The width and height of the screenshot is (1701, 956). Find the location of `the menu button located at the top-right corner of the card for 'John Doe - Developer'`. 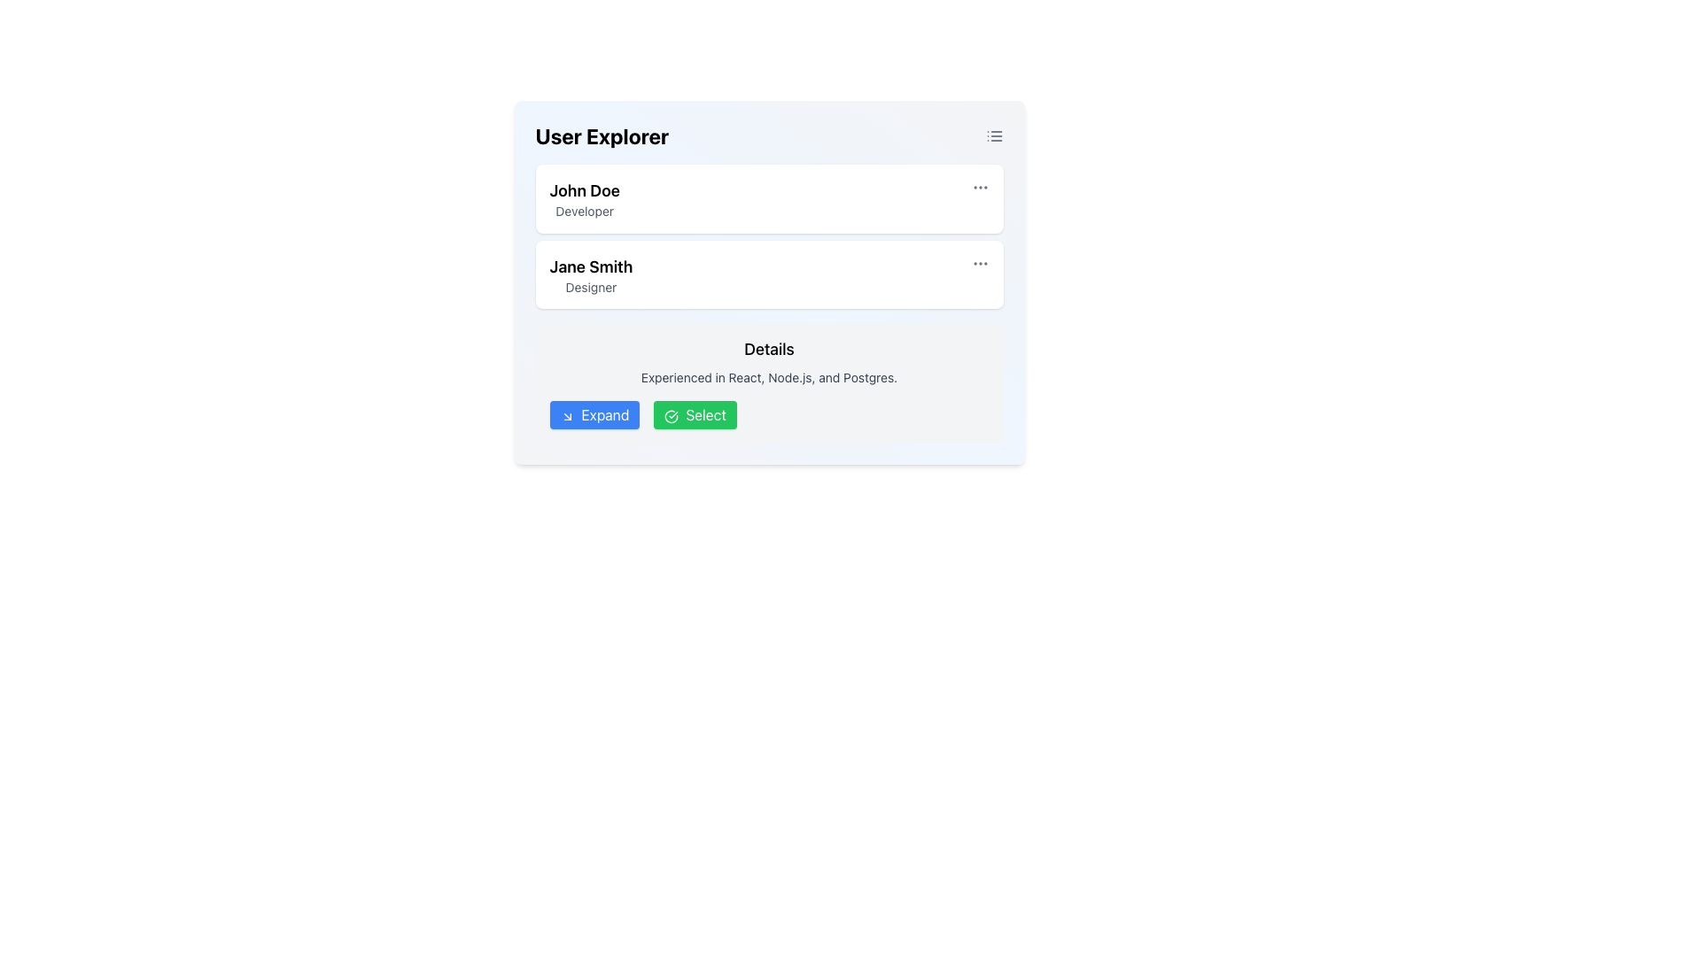

the menu button located at the top-right corner of the card for 'John Doe - Developer' is located at coordinates (979, 188).